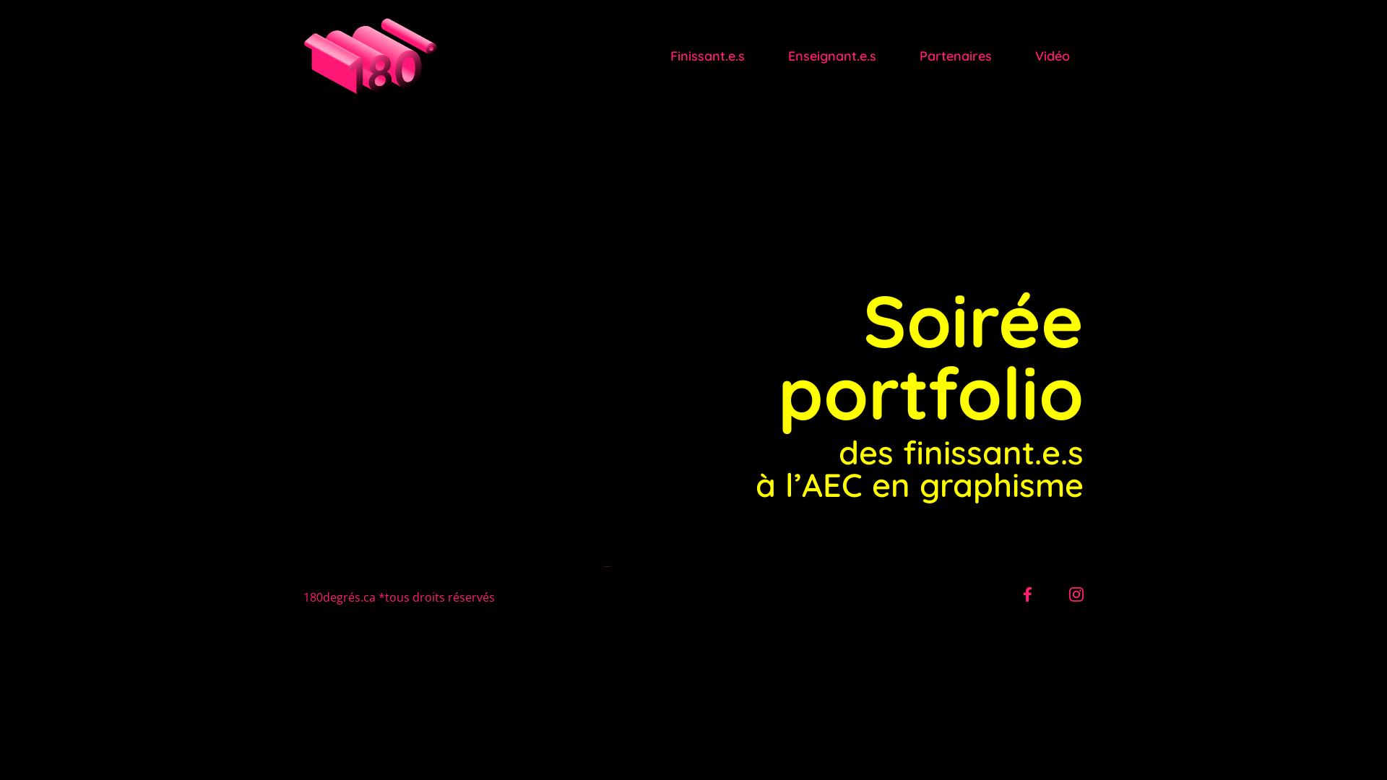 The height and width of the screenshot is (780, 1387). I want to click on 'Finissant.e.s', so click(707, 56).